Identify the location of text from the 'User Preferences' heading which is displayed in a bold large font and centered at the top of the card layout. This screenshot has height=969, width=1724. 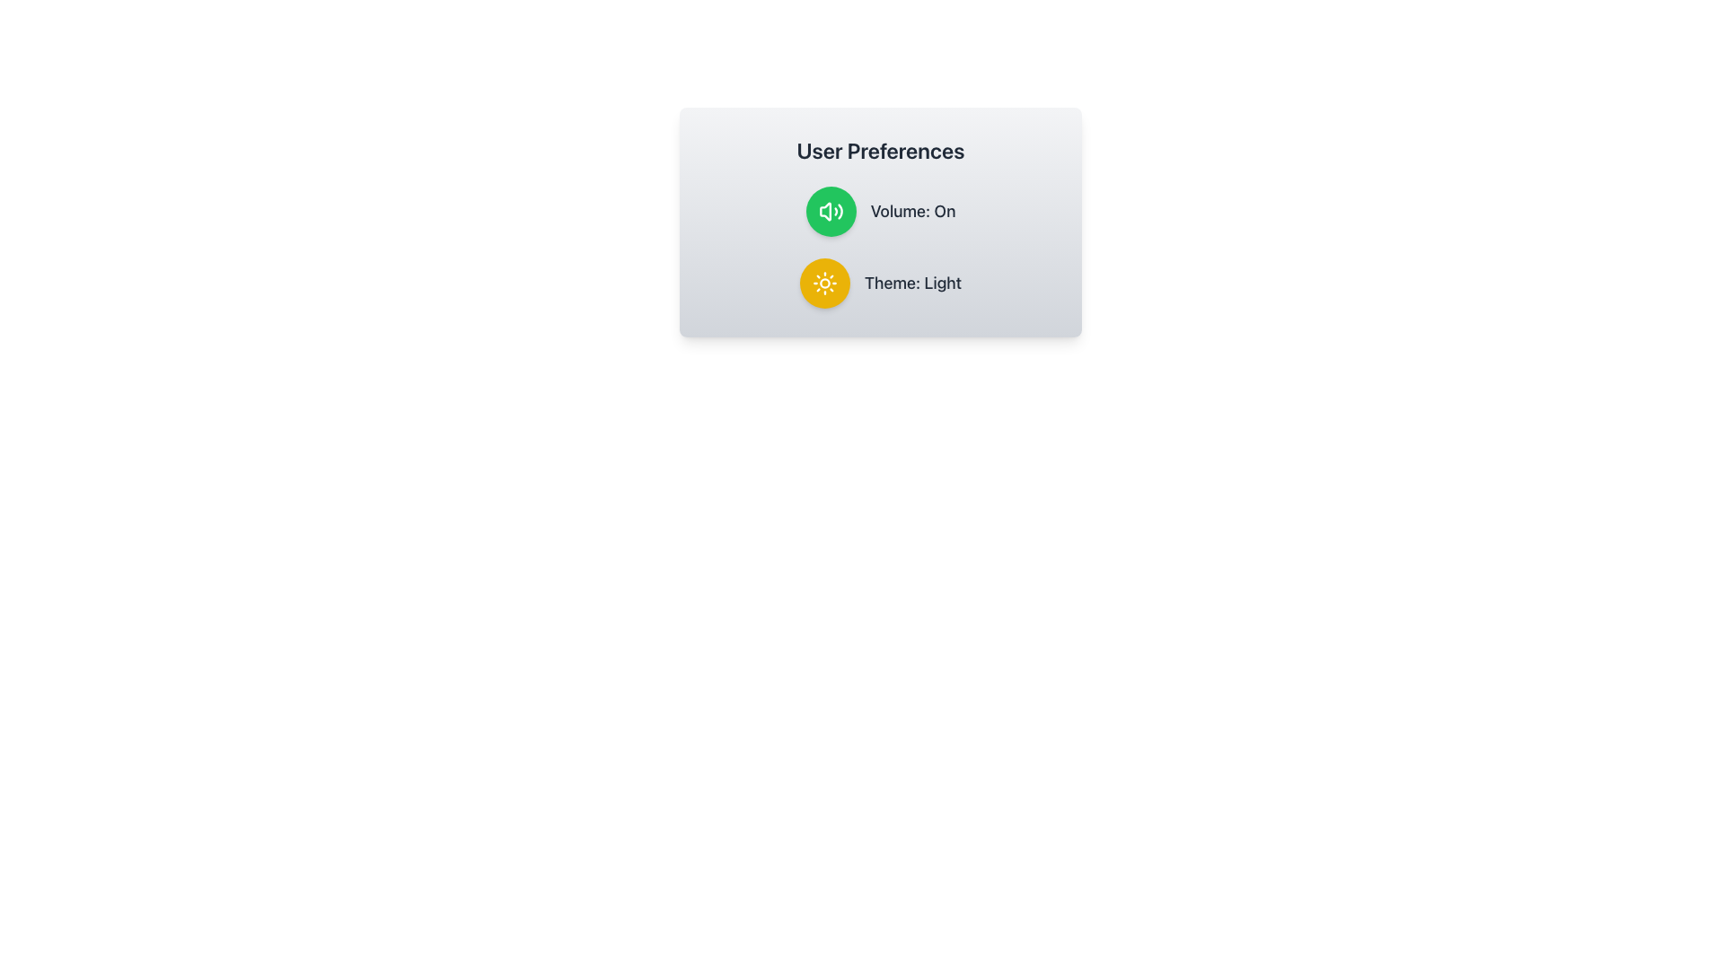
(880, 150).